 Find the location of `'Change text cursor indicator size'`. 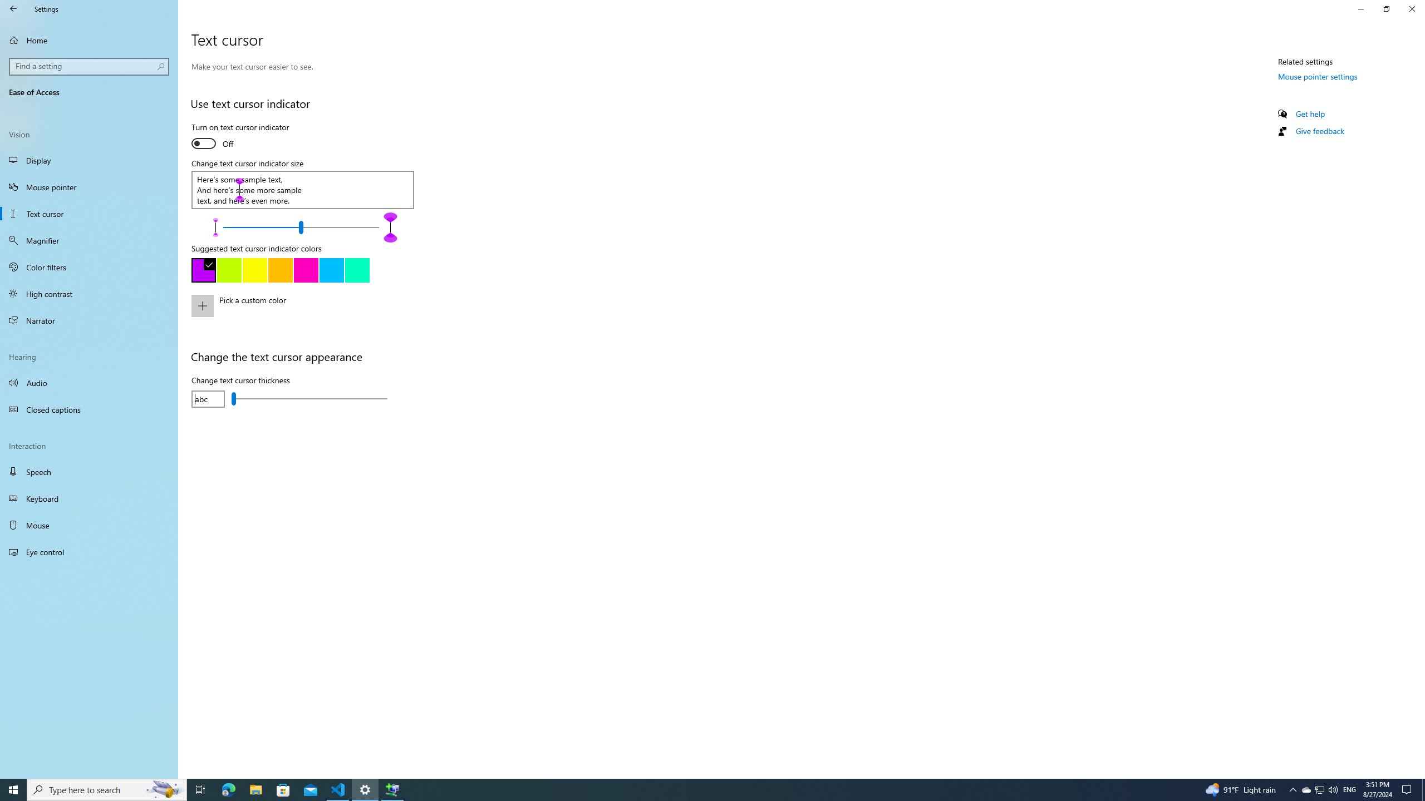

'Change text cursor indicator size' is located at coordinates (301, 226).